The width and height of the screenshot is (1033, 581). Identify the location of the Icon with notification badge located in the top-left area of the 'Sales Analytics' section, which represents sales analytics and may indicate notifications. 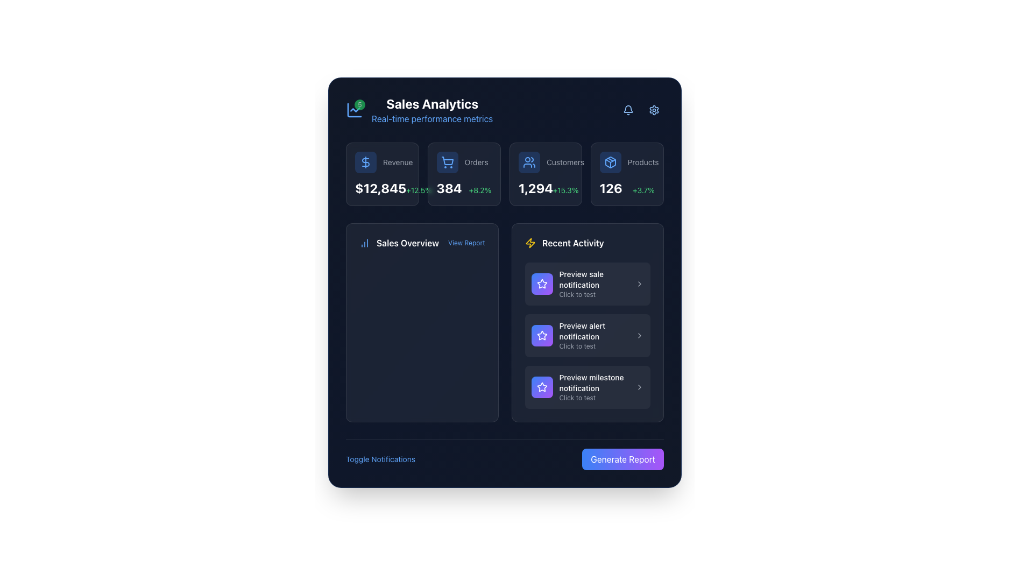
(354, 110).